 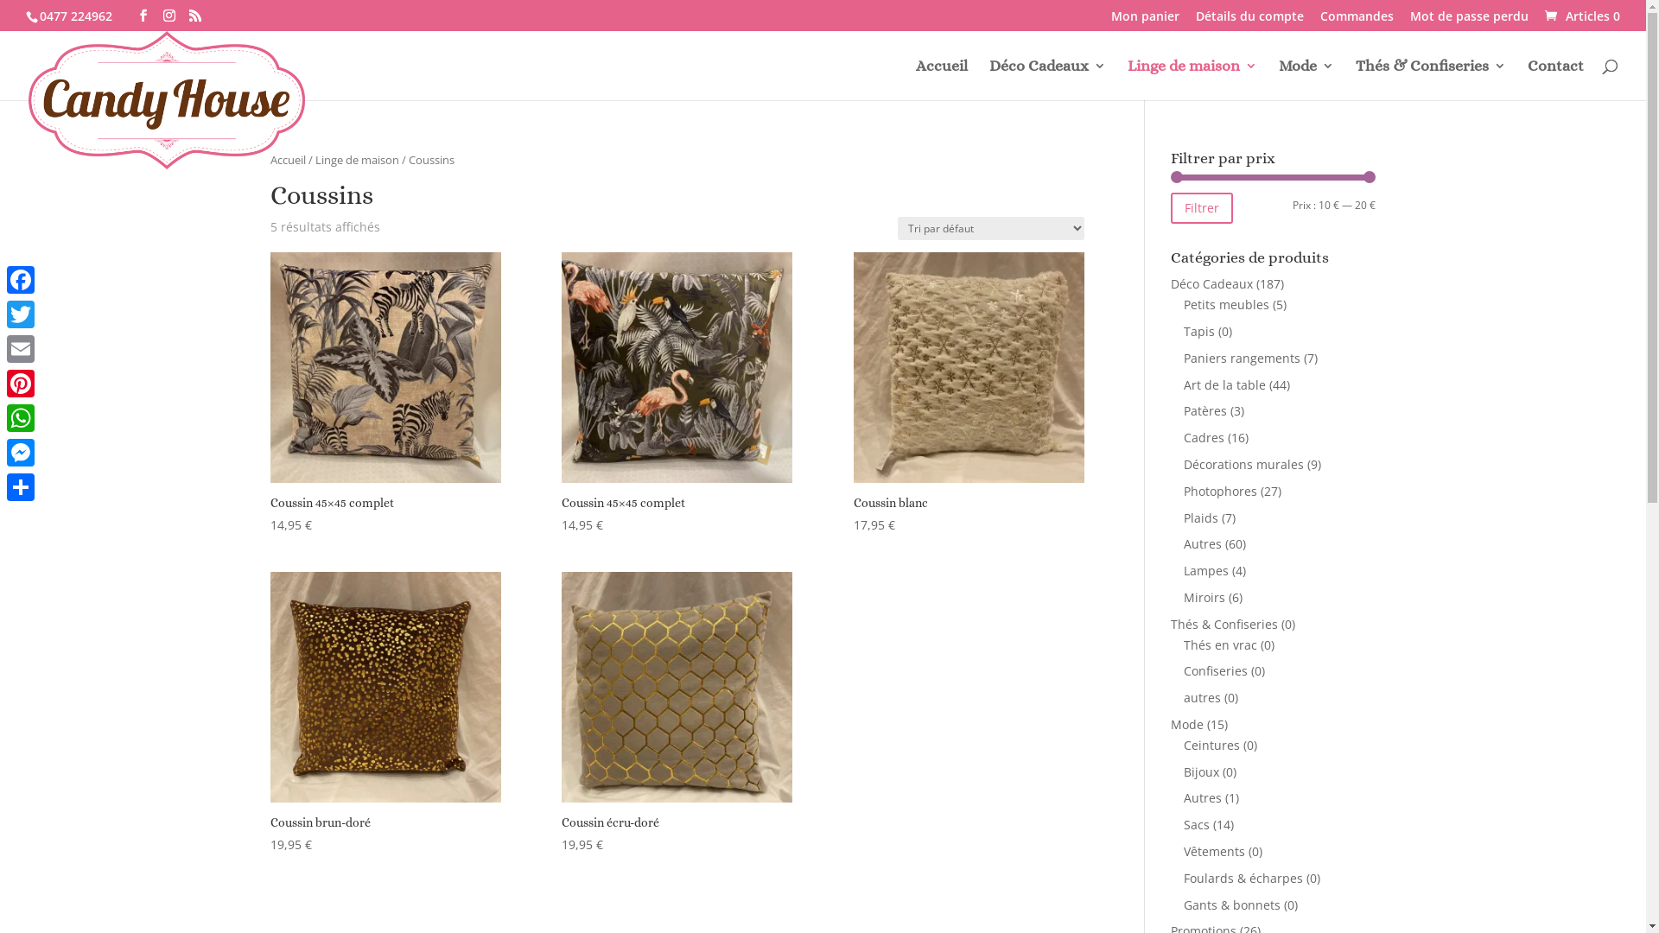 What do you see at coordinates (21, 349) in the screenshot?
I see `'Email'` at bounding box center [21, 349].